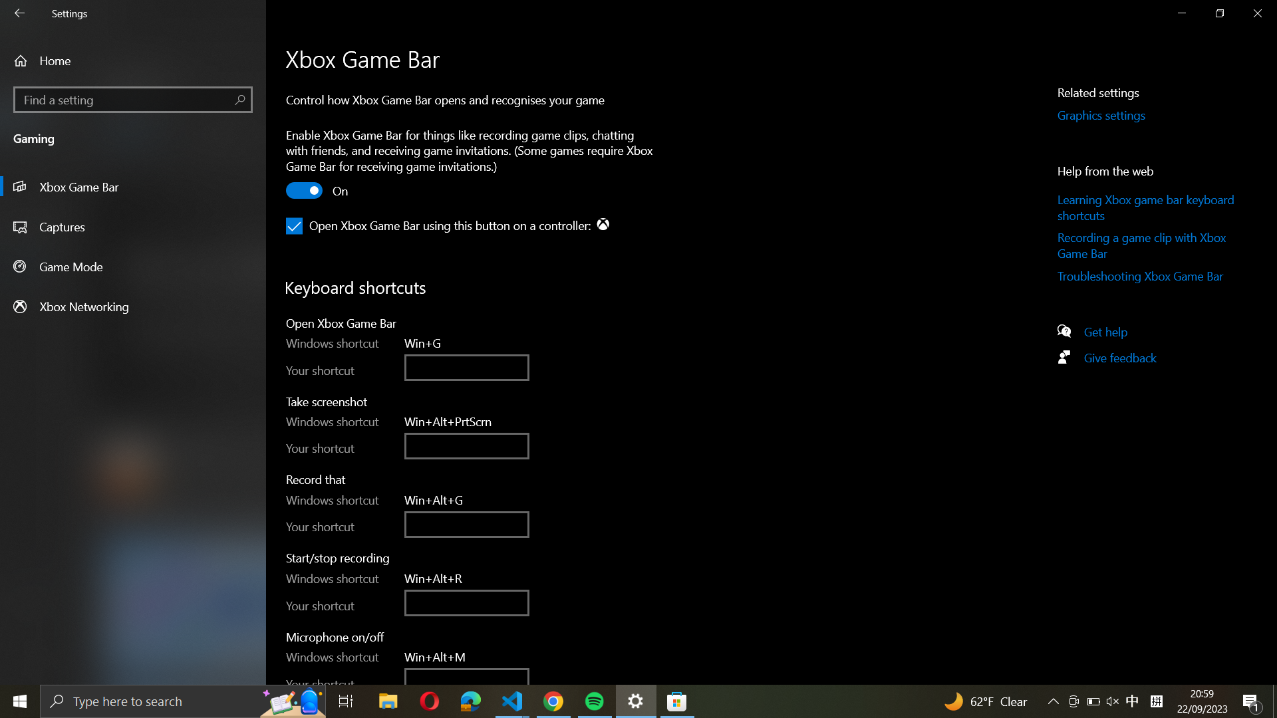 Image resolution: width=1277 pixels, height=718 pixels. Describe the element at coordinates (1112, 360) in the screenshot. I see `the page labeled "Give Feedback` at that location.